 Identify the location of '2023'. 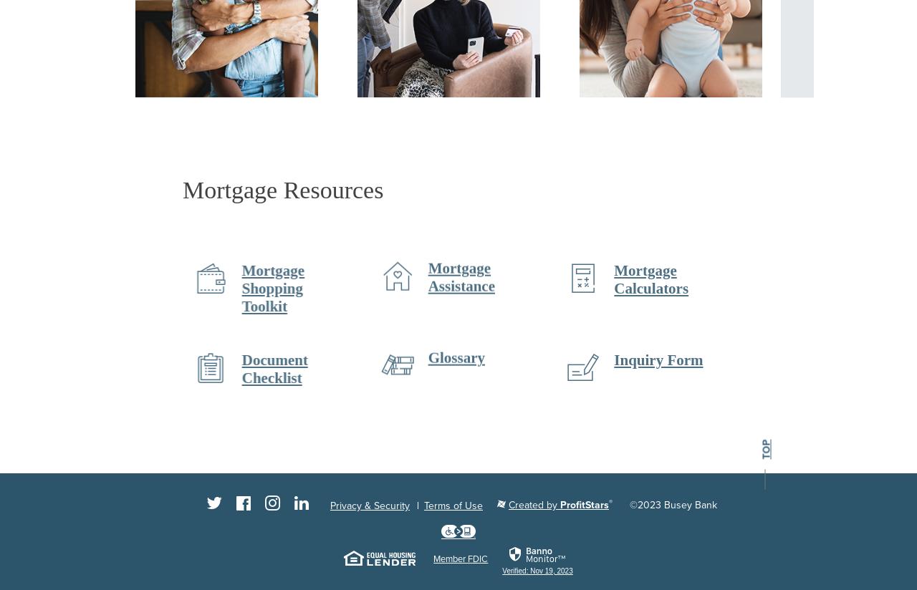
(648, 504).